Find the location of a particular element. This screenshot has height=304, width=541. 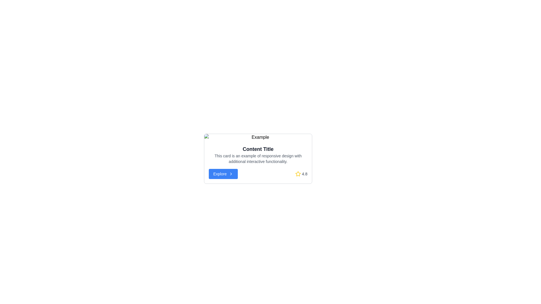

the text display component showing '4.8', which is styled in a small gray font and located near the bottom right of a card interface, adjacent to a yellow star icon is located at coordinates (304, 173).